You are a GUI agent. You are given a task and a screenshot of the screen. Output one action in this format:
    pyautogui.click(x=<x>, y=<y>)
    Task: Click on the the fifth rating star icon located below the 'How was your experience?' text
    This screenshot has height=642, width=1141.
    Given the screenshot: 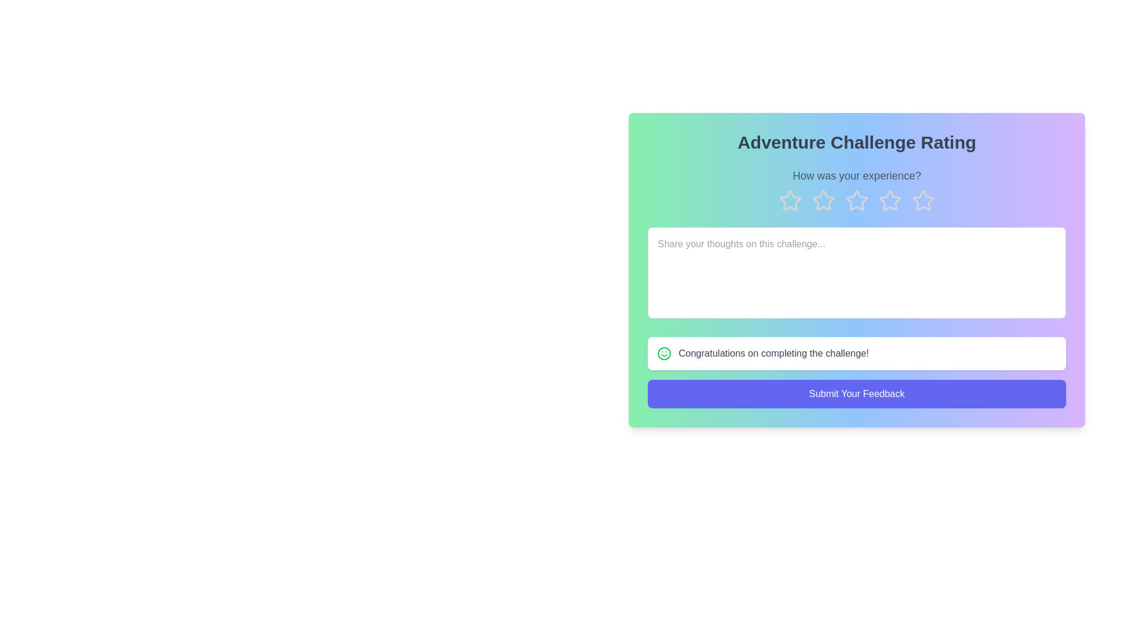 What is the action you would take?
    pyautogui.click(x=923, y=200)
    